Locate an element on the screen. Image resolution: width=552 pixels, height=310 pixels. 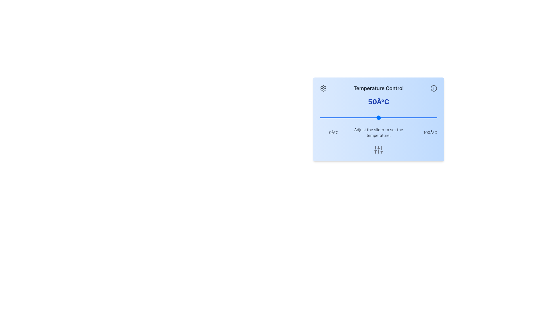
the temperature is located at coordinates (430, 117).